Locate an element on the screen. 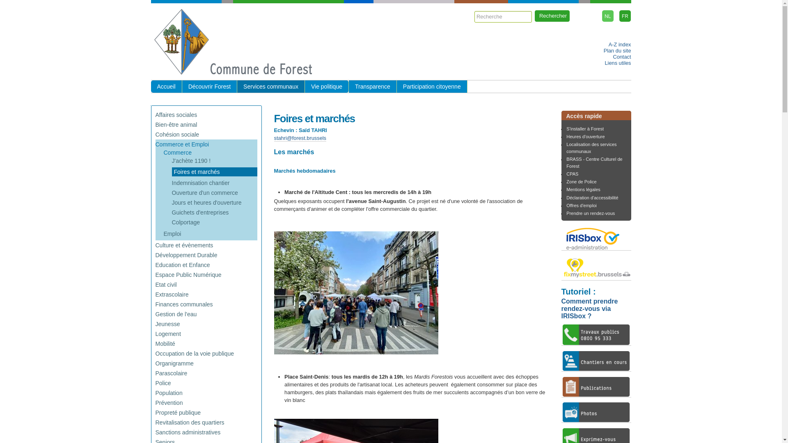  'Heures d'ouverture' is located at coordinates (566, 136).